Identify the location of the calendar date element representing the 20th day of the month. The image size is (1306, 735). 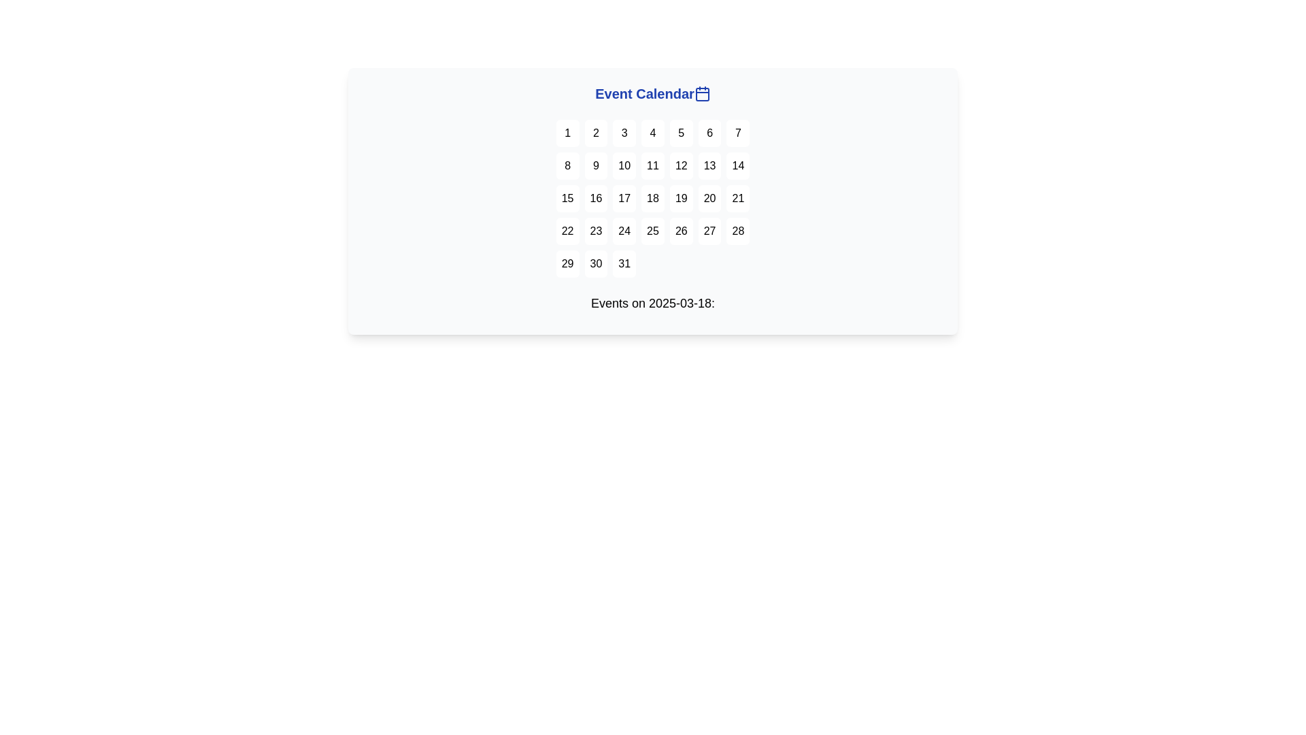
(709, 199).